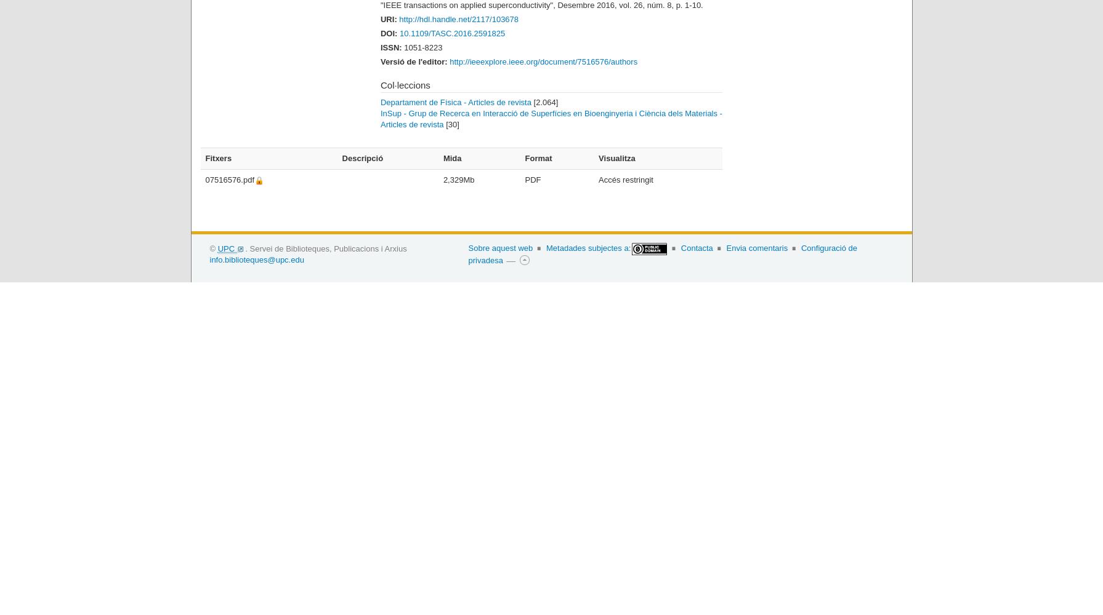 The height and width of the screenshot is (615, 1103). What do you see at coordinates (500, 247) in the screenshot?
I see `'Sobre aquest web'` at bounding box center [500, 247].